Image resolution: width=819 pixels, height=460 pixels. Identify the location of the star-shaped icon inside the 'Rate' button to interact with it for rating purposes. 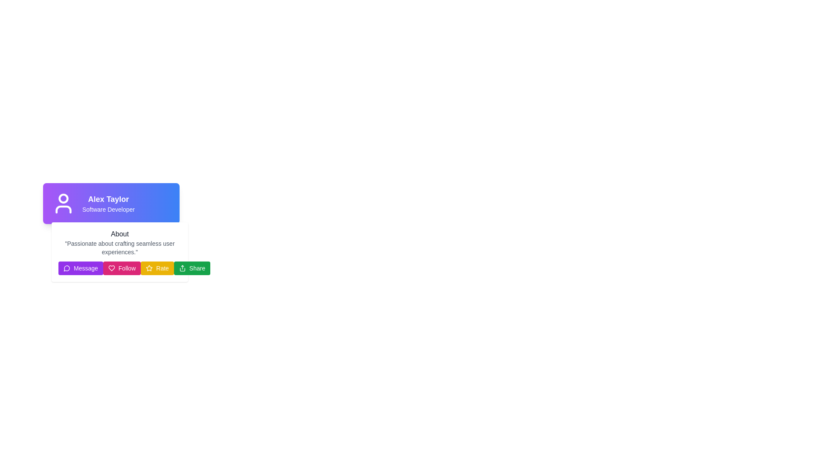
(149, 267).